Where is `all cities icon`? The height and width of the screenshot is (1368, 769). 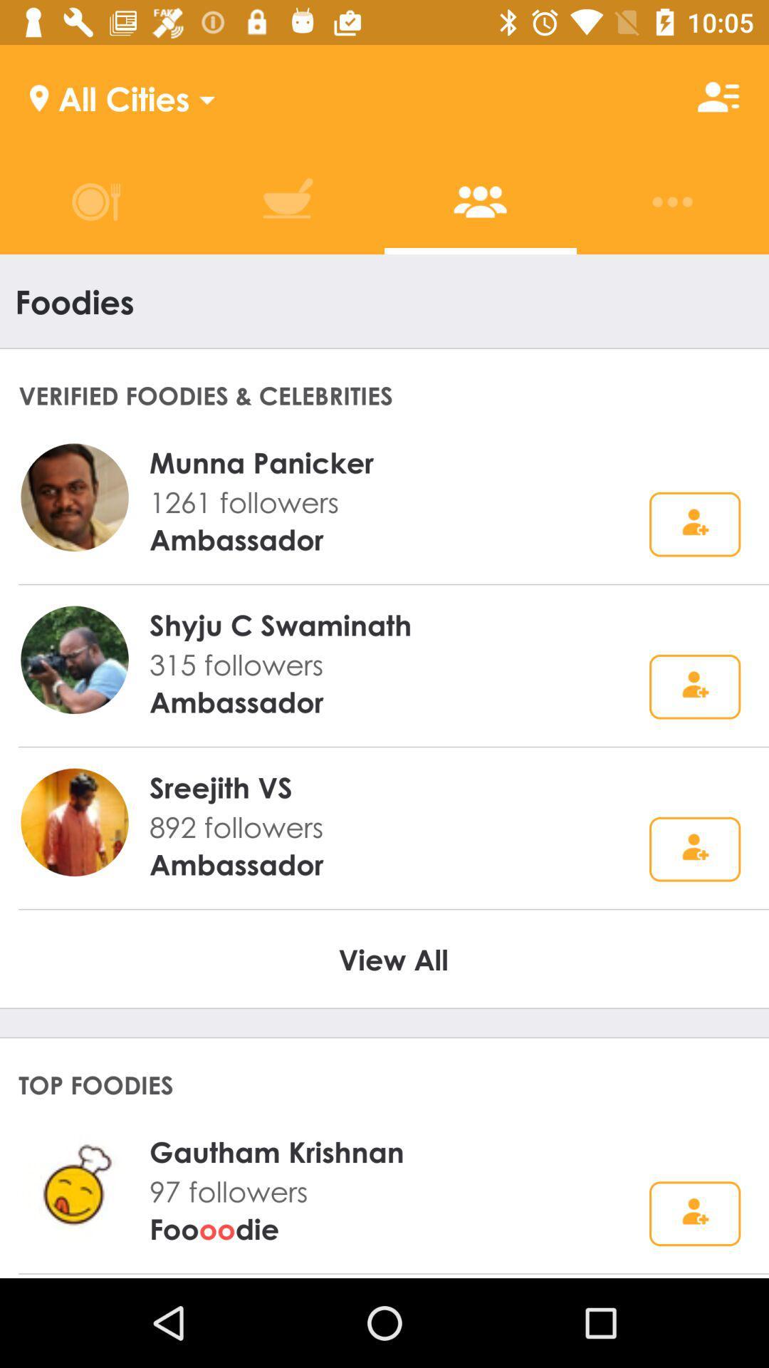 all cities icon is located at coordinates (109, 96).